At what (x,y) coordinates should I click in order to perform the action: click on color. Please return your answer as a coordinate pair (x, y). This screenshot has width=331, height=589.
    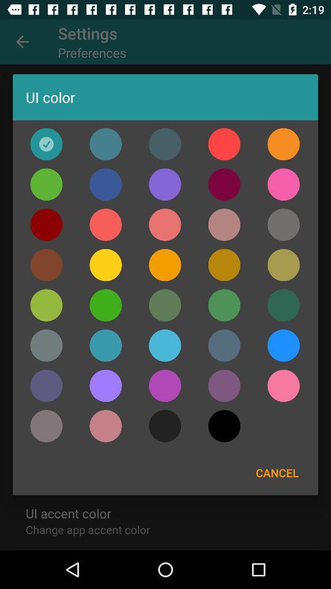
    Looking at the image, I should click on (165, 385).